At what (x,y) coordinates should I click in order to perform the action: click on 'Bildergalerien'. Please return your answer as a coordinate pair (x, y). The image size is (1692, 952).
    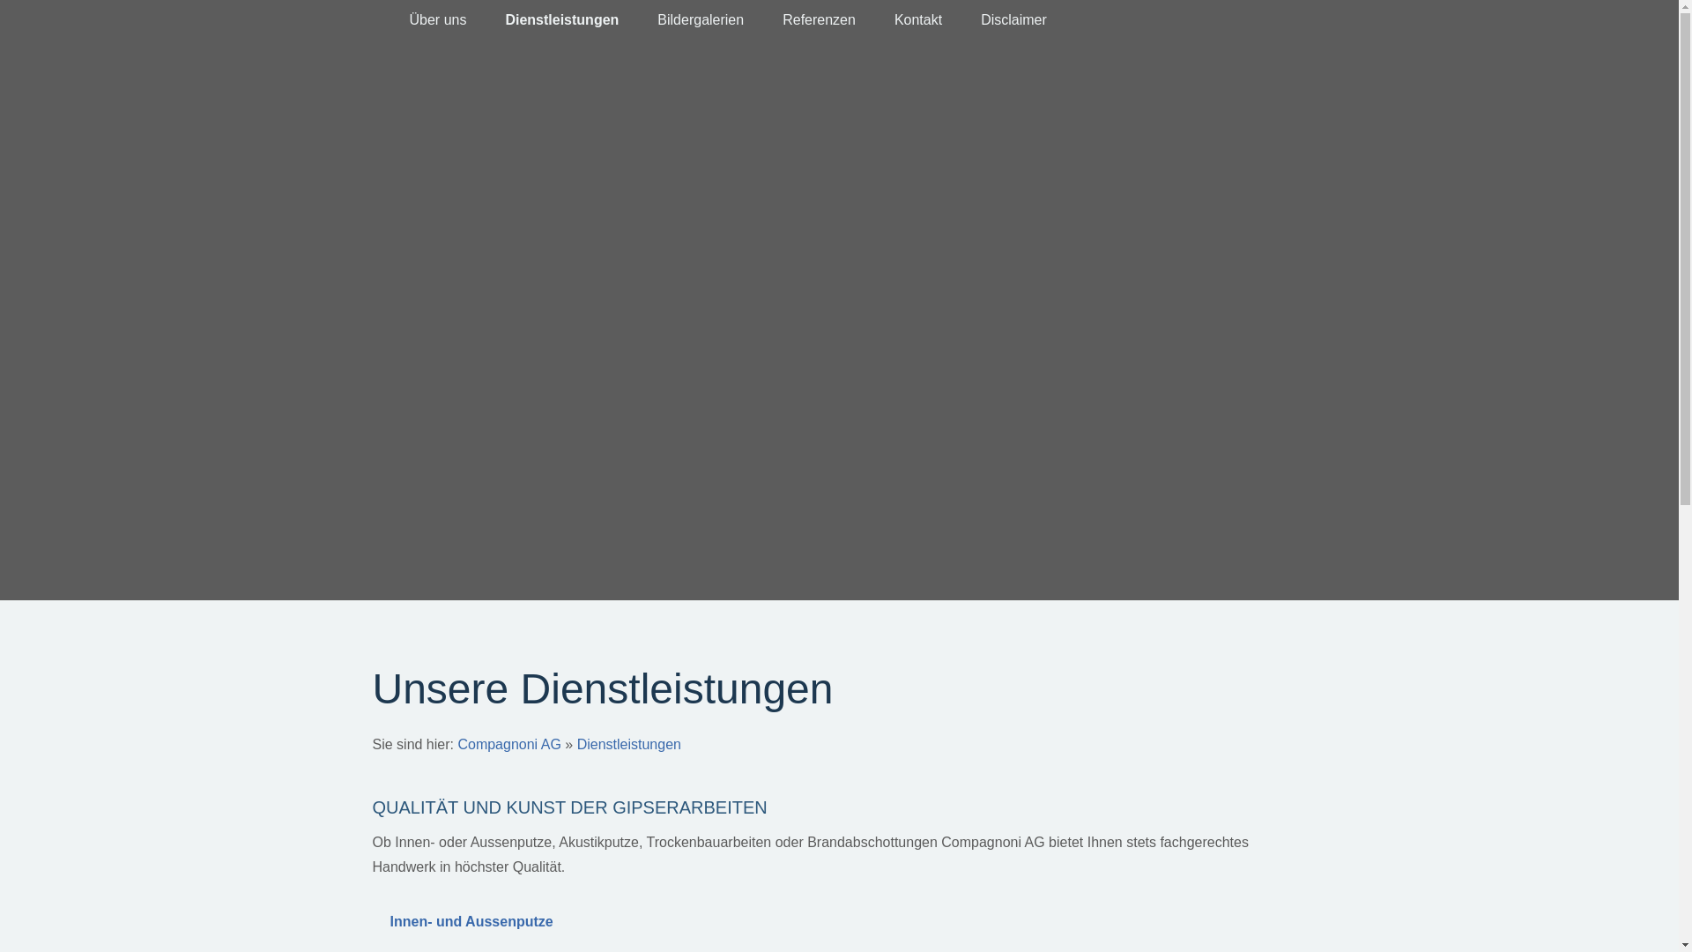
    Looking at the image, I should click on (700, 20).